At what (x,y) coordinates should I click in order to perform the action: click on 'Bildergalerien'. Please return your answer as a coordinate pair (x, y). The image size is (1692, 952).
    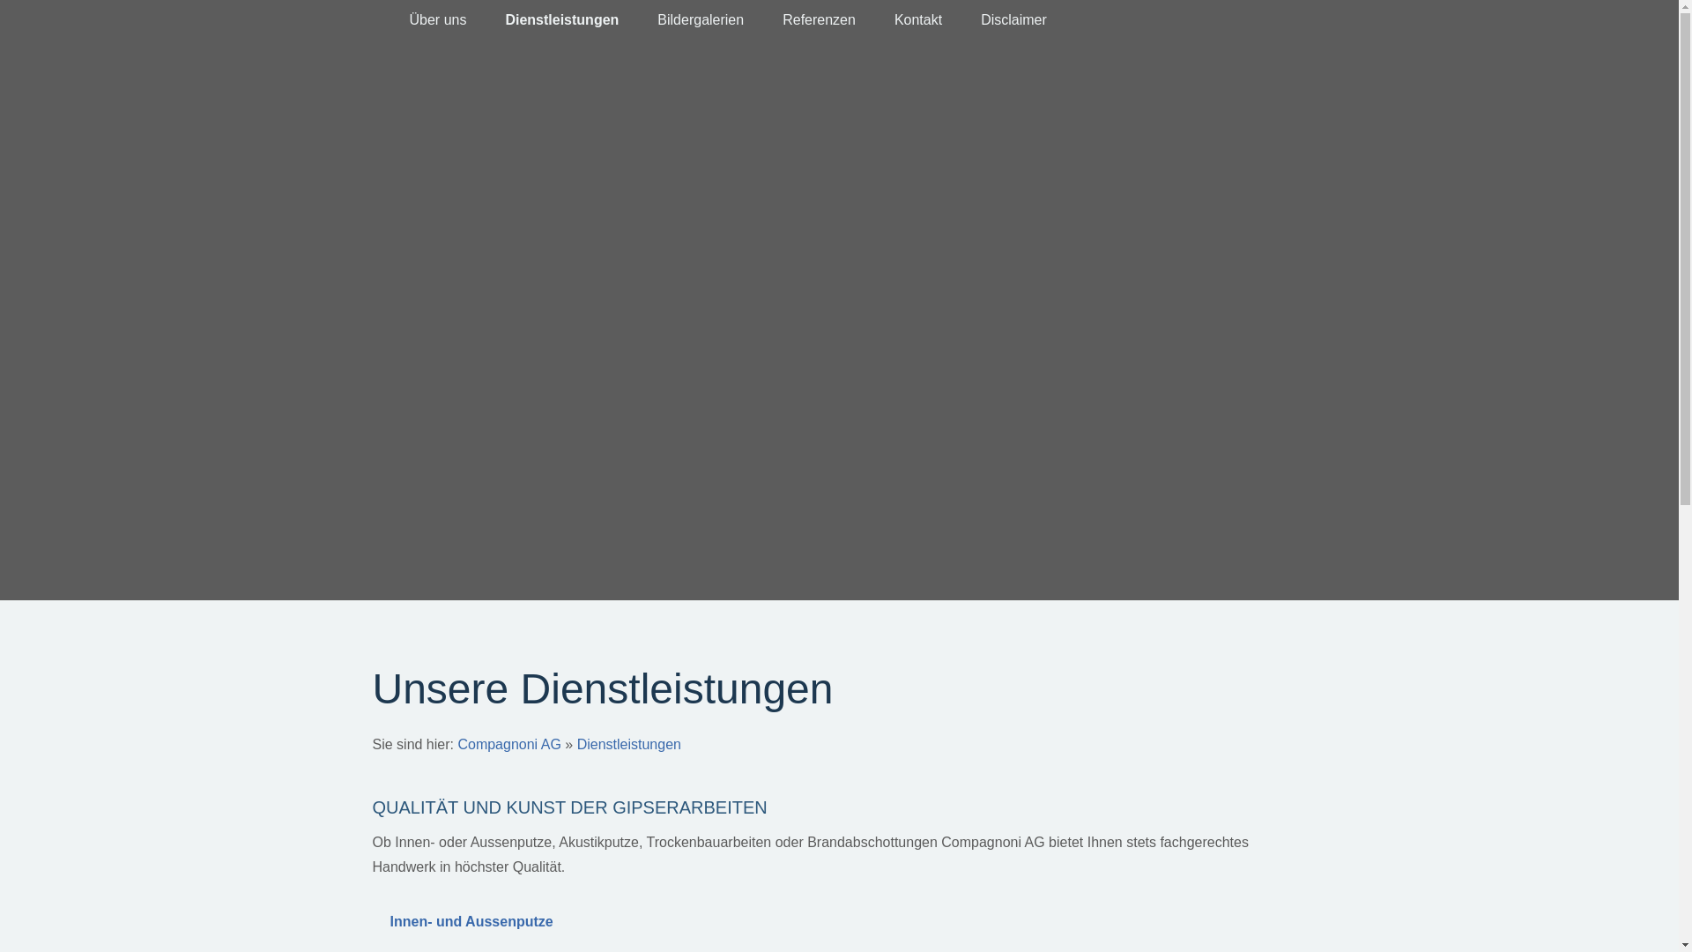
    Looking at the image, I should click on (700, 20).